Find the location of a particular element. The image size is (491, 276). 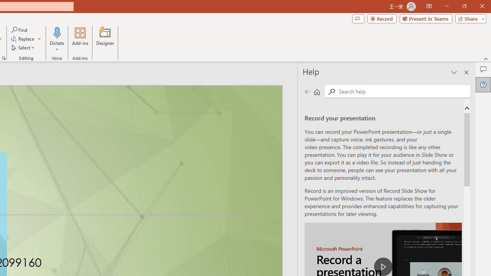

'Find...' is located at coordinates (20, 30).